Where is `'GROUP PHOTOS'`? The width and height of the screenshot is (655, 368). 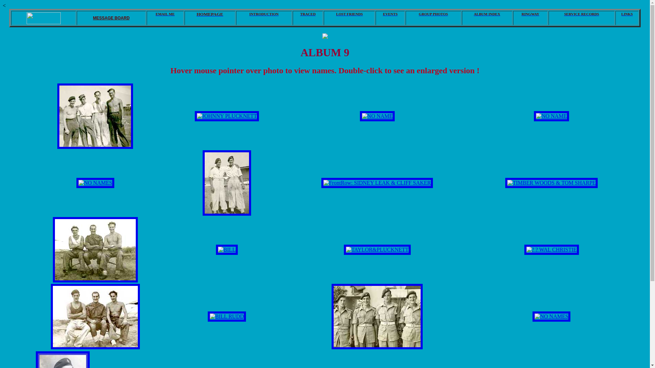
'GROUP PHOTOS' is located at coordinates (433, 14).